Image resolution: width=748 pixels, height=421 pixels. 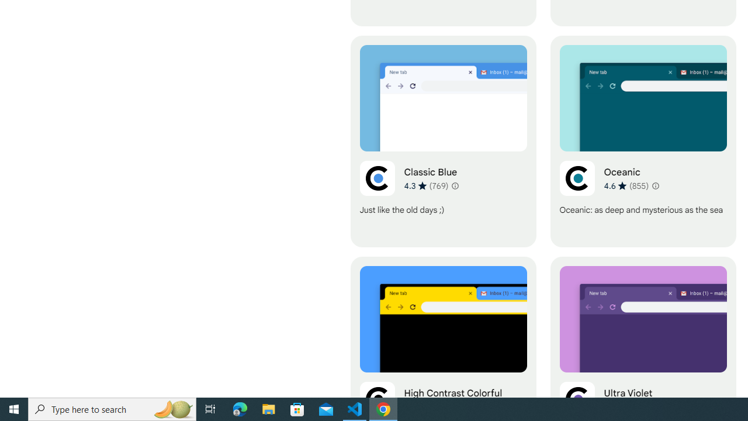 What do you see at coordinates (454, 185) in the screenshot?
I see `'Learn more about results and reviews "Classic Blue"'` at bounding box center [454, 185].